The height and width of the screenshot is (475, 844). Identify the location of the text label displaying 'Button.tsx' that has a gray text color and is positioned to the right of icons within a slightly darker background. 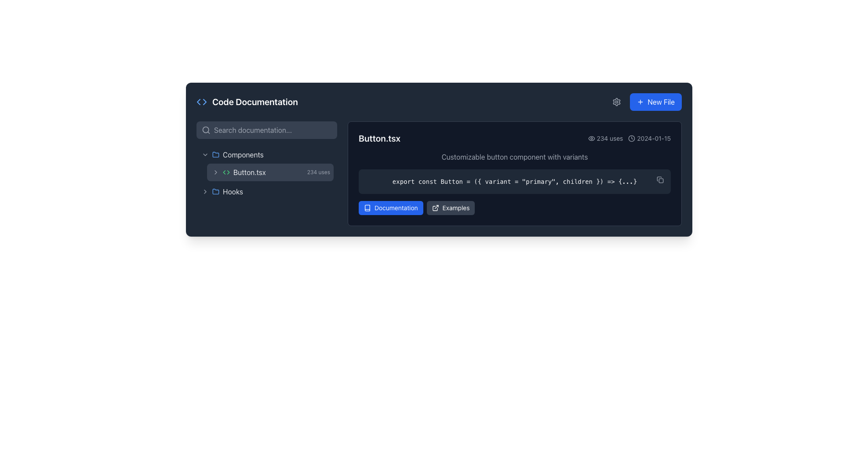
(249, 172).